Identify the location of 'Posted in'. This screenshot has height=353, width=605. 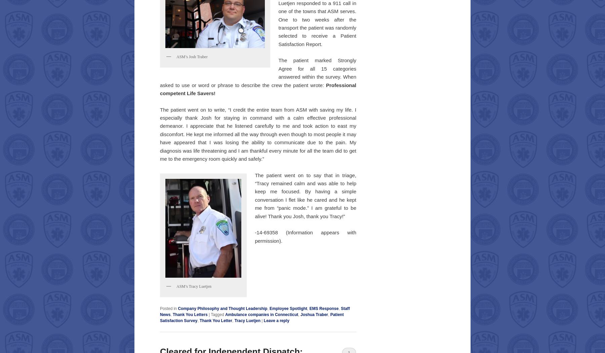
(159, 308).